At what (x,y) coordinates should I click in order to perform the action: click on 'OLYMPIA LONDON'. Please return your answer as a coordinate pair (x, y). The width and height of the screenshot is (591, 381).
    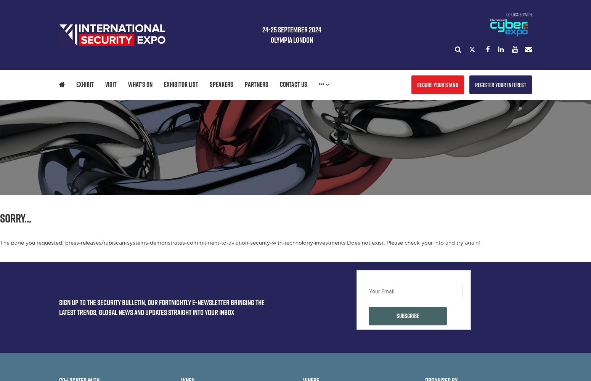
    Looking at the image, I should click on (291, 39).